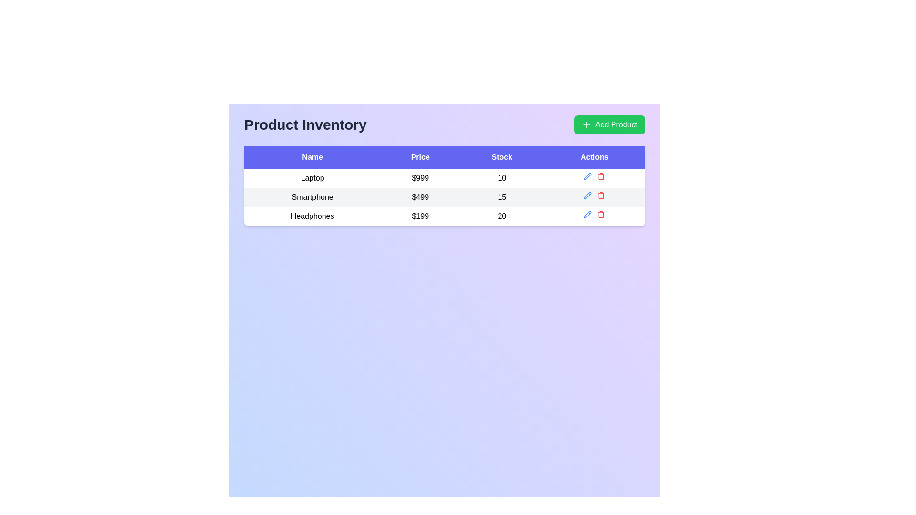 The width and height of the screenshot is (916, 515). Describe the element at coordinates (501, 216) in the screenshot. I see `the text label displaying the current stock quantity for the product 'Headphones' in the inventory table, located in the 'Stock' column` at that location.